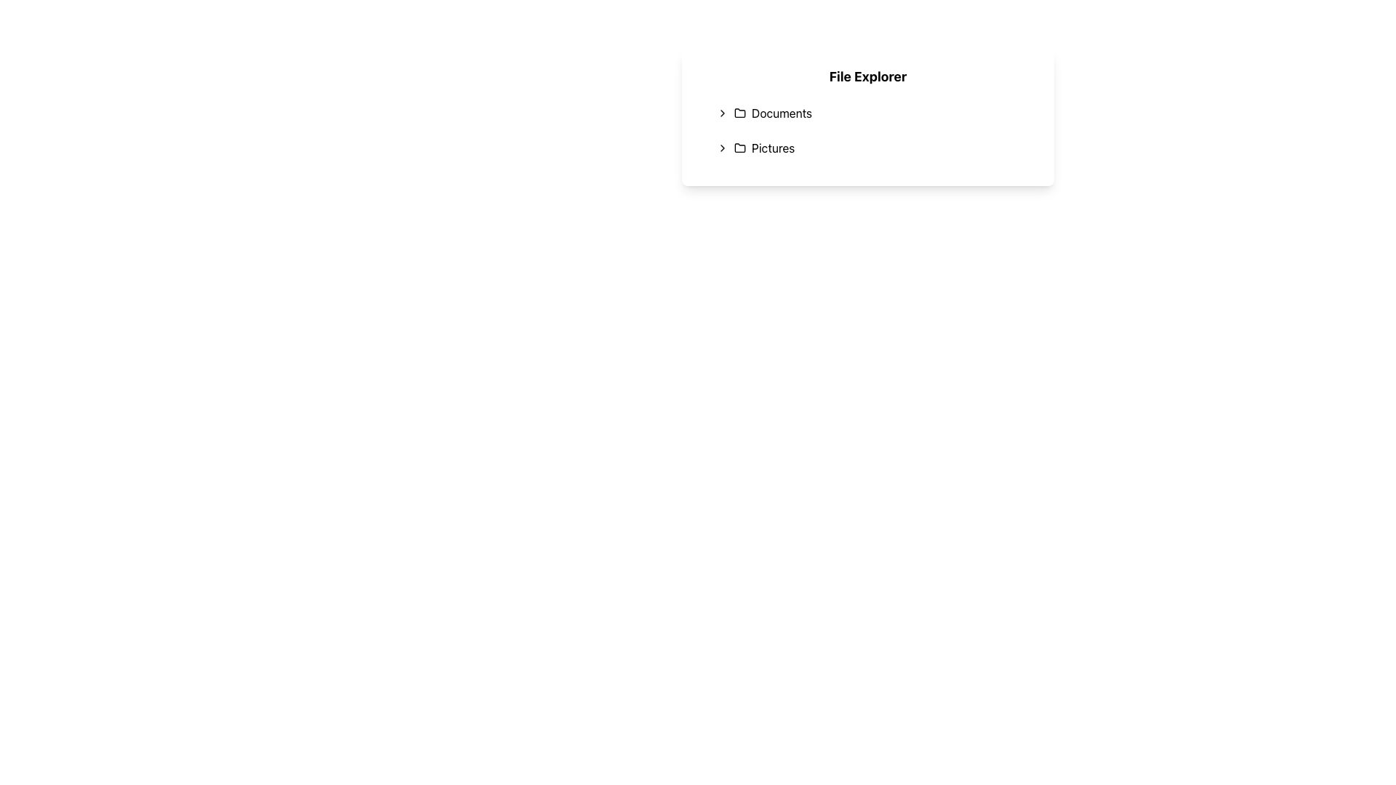 This screenshot has height=785, width=1396. I want to click on the 'Documents' text label, which identifies the folder, so click(781, 112).